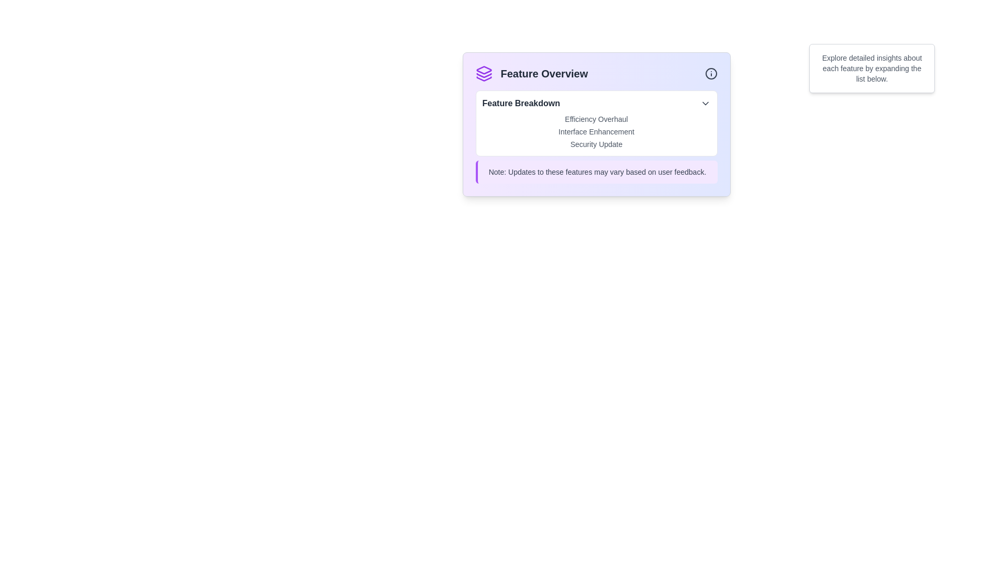 This screenshot has height=565, width=1005. Describe the element at coordinates (596, 144) in the screenshot. I see `the 'Security Update' static text label, which is the last item in the vertically stacked list under 'Feature Breakdown'` at that location.